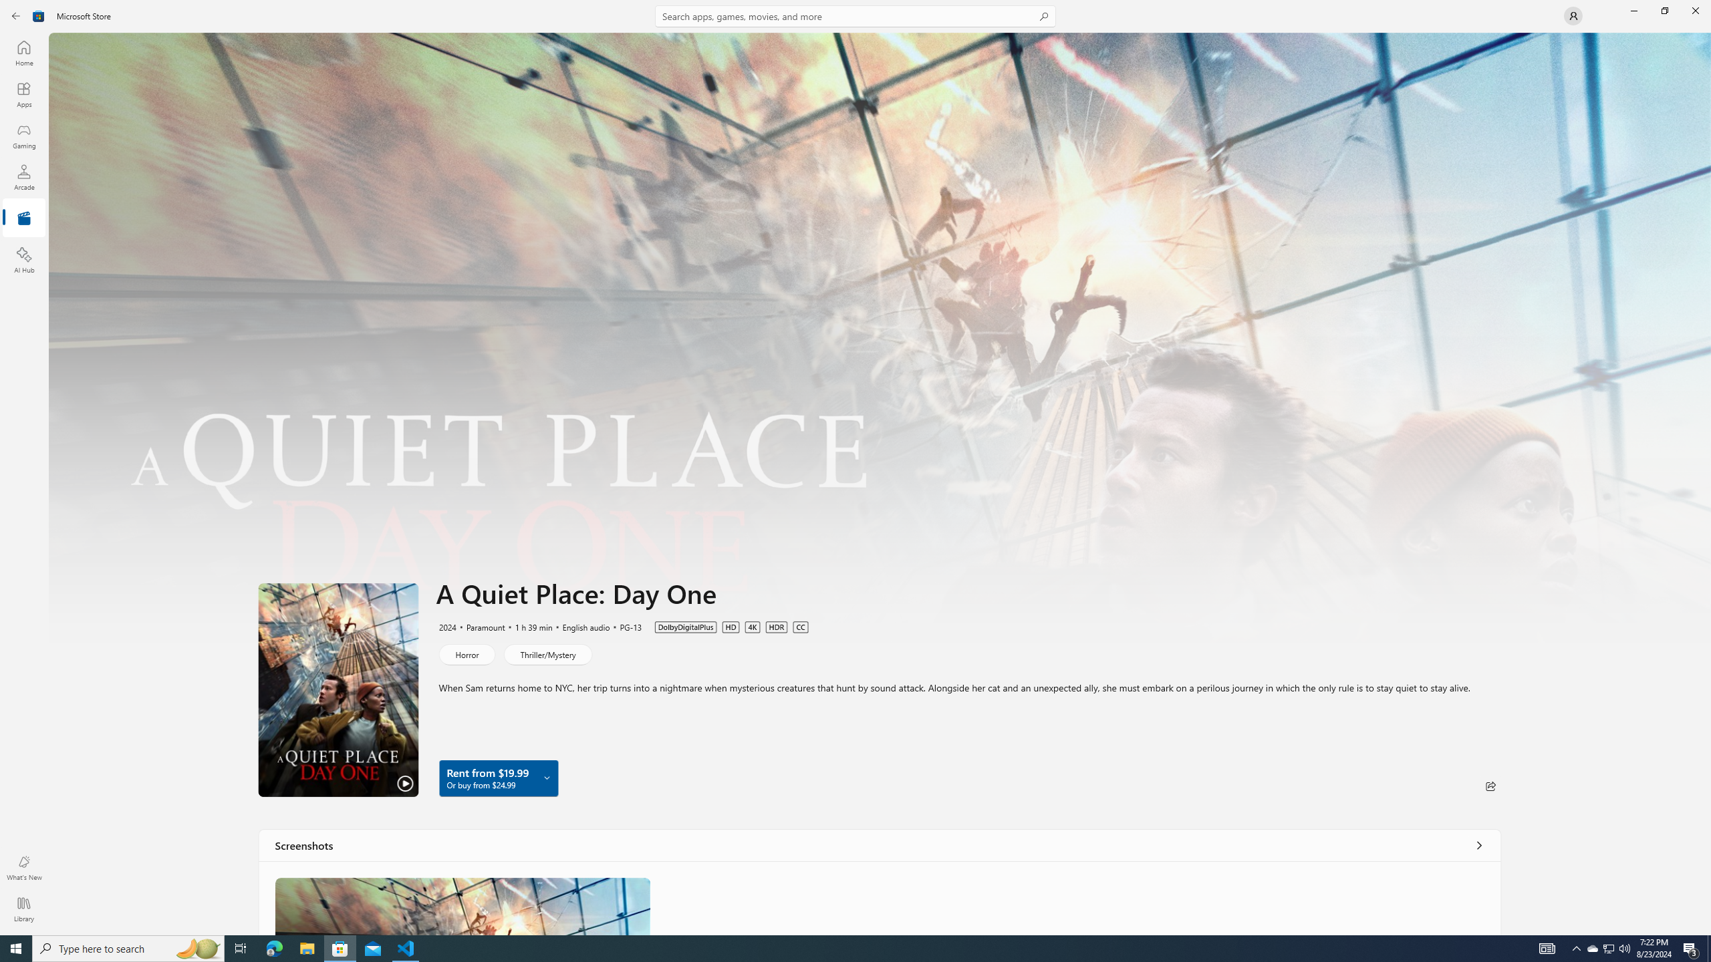 The width and height of the screenshot is (1711, 962). What do you see at coordinates (1633, 10) in the screenshot?
I see `'Minimize Microsoft Store'` at bounding box center [1633, 10].